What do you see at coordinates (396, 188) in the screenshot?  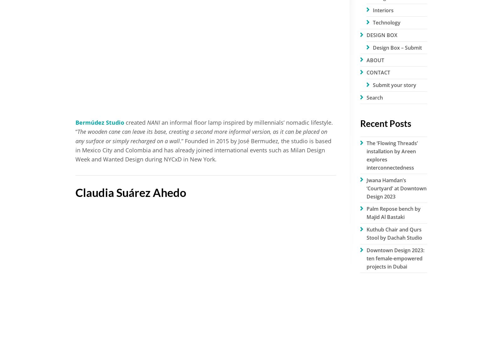 I see `'Jwana Hamdan’s ‘Courtyard’ at Downtown Design 2023'` at bounding box center [396, 188].